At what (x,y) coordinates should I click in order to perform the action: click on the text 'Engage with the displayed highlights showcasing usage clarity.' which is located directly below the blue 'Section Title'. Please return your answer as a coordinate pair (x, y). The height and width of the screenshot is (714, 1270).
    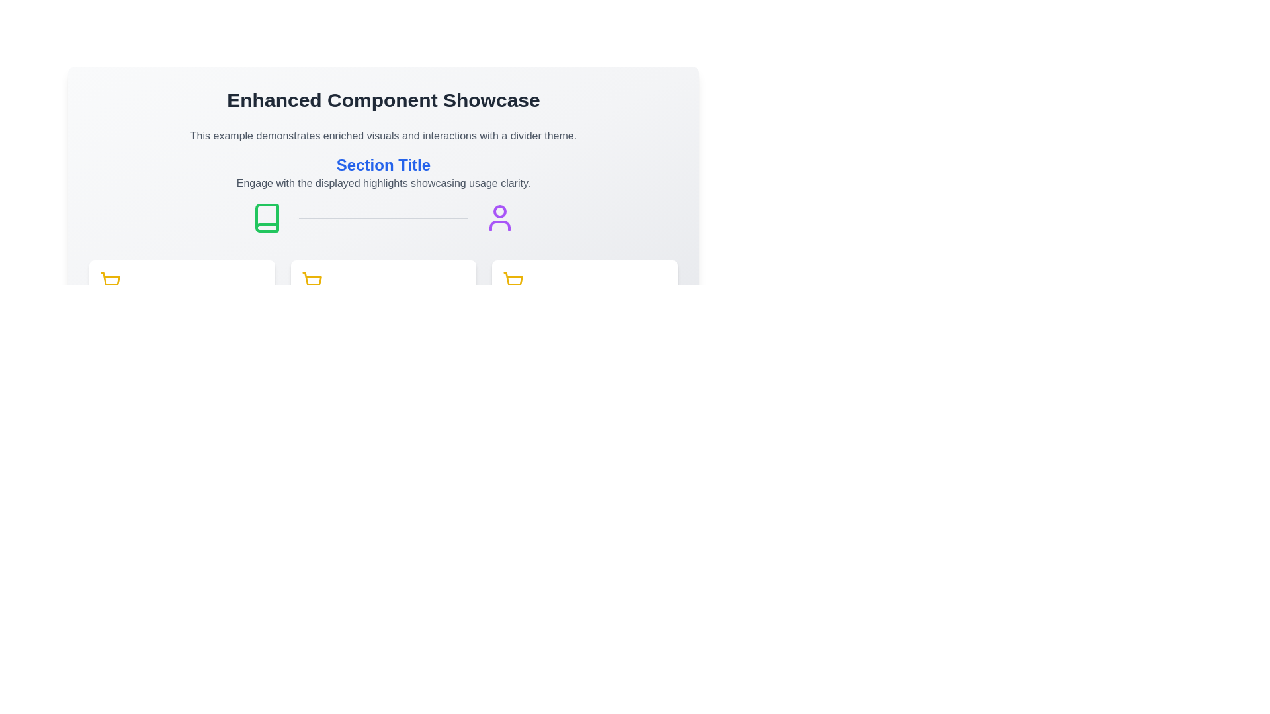
    Looking at the image, I should click on (383, 183).